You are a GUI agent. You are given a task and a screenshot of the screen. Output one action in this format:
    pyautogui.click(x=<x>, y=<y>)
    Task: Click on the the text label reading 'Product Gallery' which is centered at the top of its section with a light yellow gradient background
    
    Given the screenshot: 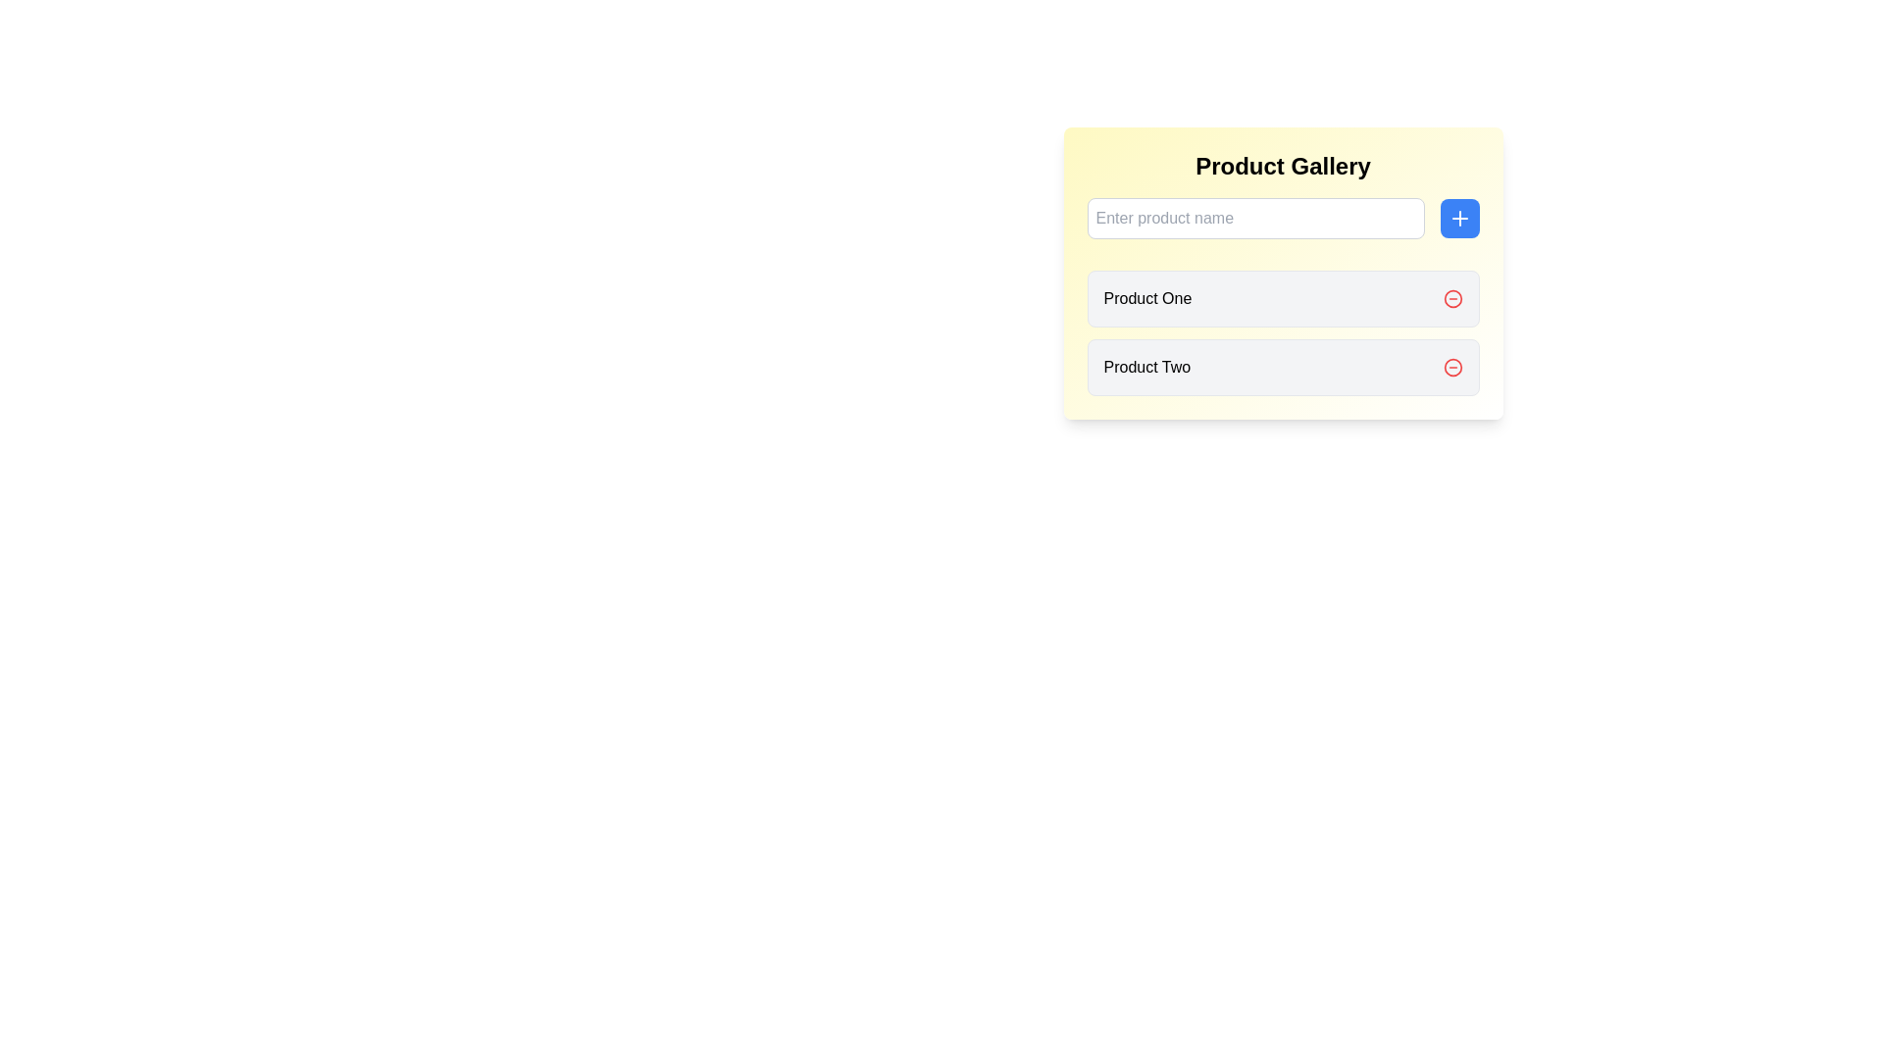 What is the action you would take?
    pyautogui.click(x=1283, y=165)
    